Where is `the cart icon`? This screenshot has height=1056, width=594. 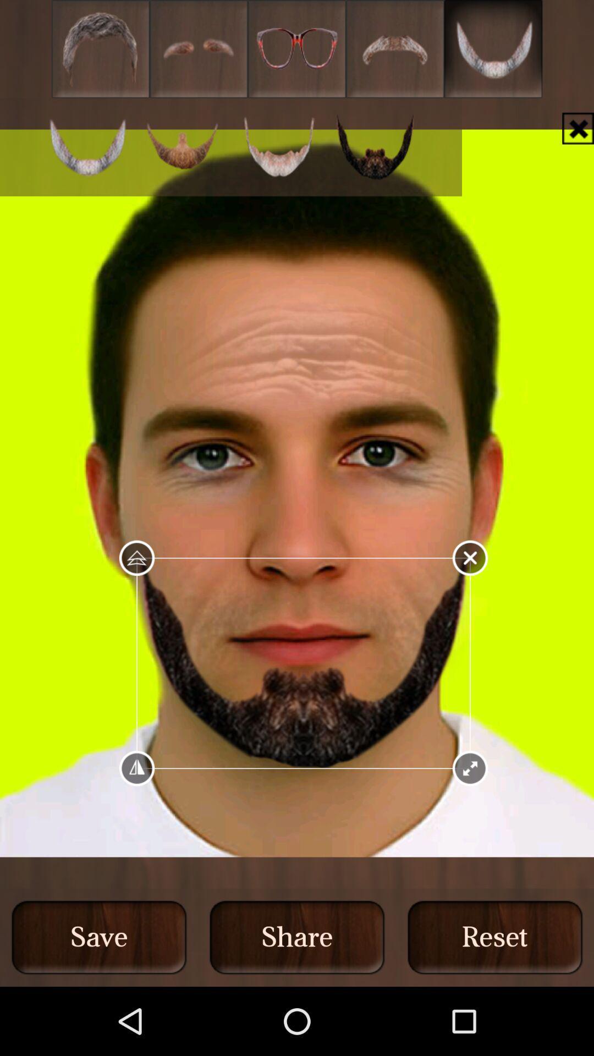 the cart icon is located at coordinates (86, 157).